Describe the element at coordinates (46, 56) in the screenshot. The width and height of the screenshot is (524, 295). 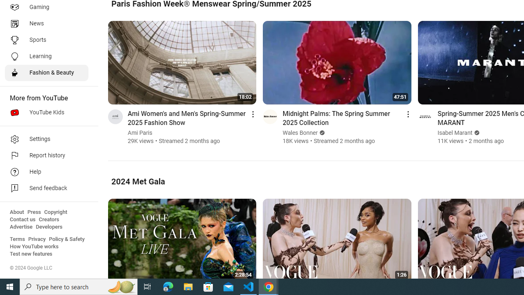
I see `'Learning'` at that location.